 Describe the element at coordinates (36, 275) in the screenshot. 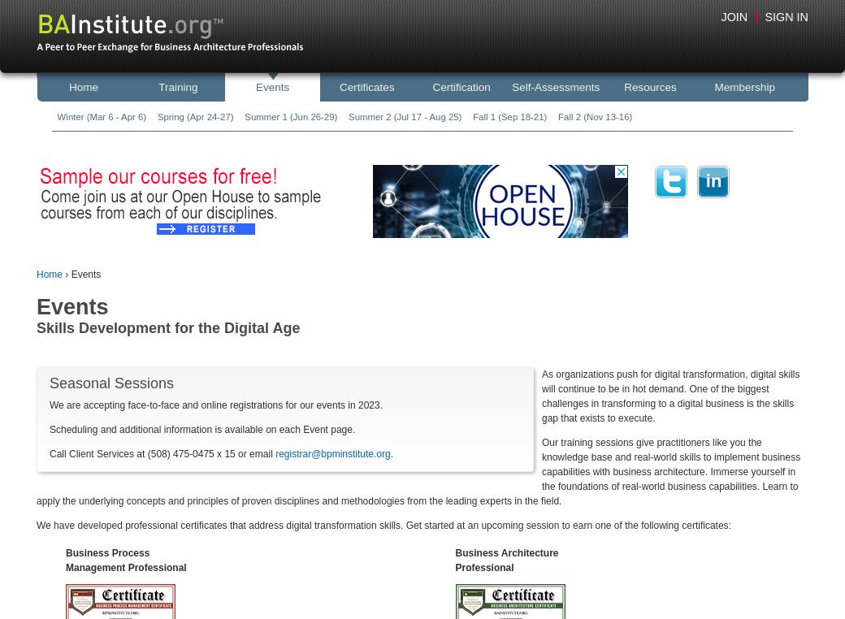

I see `'Home'` at that location.